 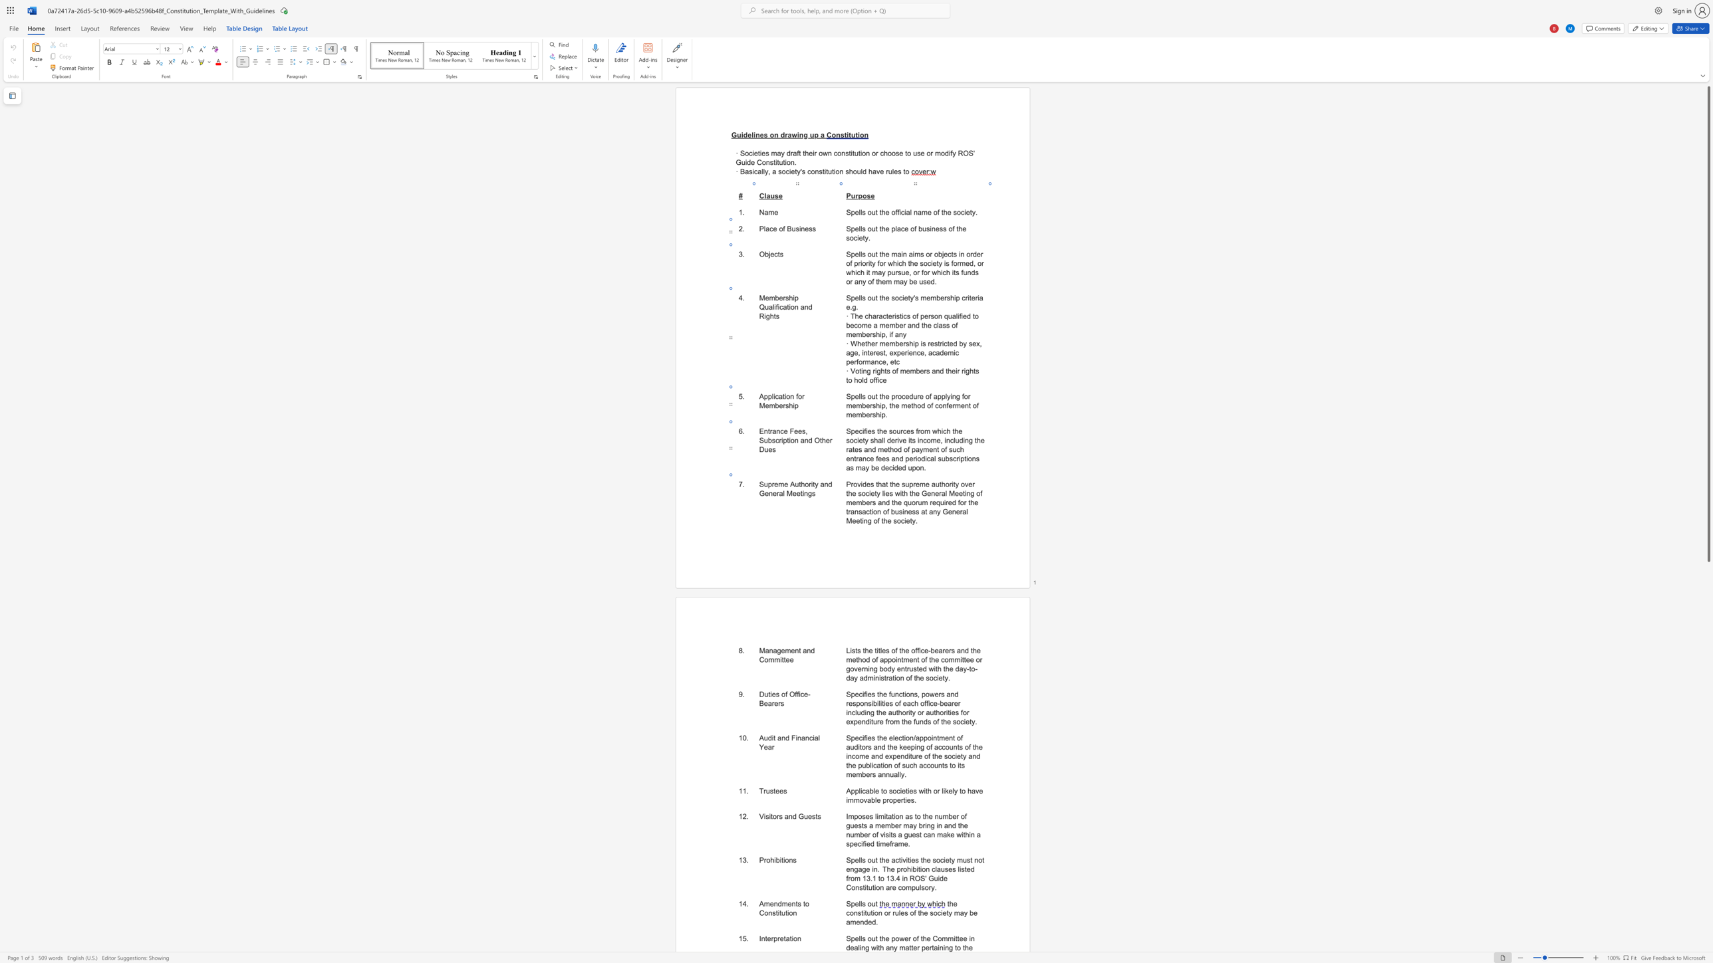 I want to click on the 1th character "n" in the text, so click(x=941, y=948).